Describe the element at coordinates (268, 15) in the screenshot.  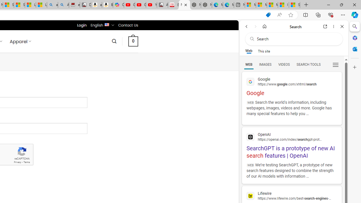
I see `'This site has coupons! Shopping in Microsoft Edge'` at that location.